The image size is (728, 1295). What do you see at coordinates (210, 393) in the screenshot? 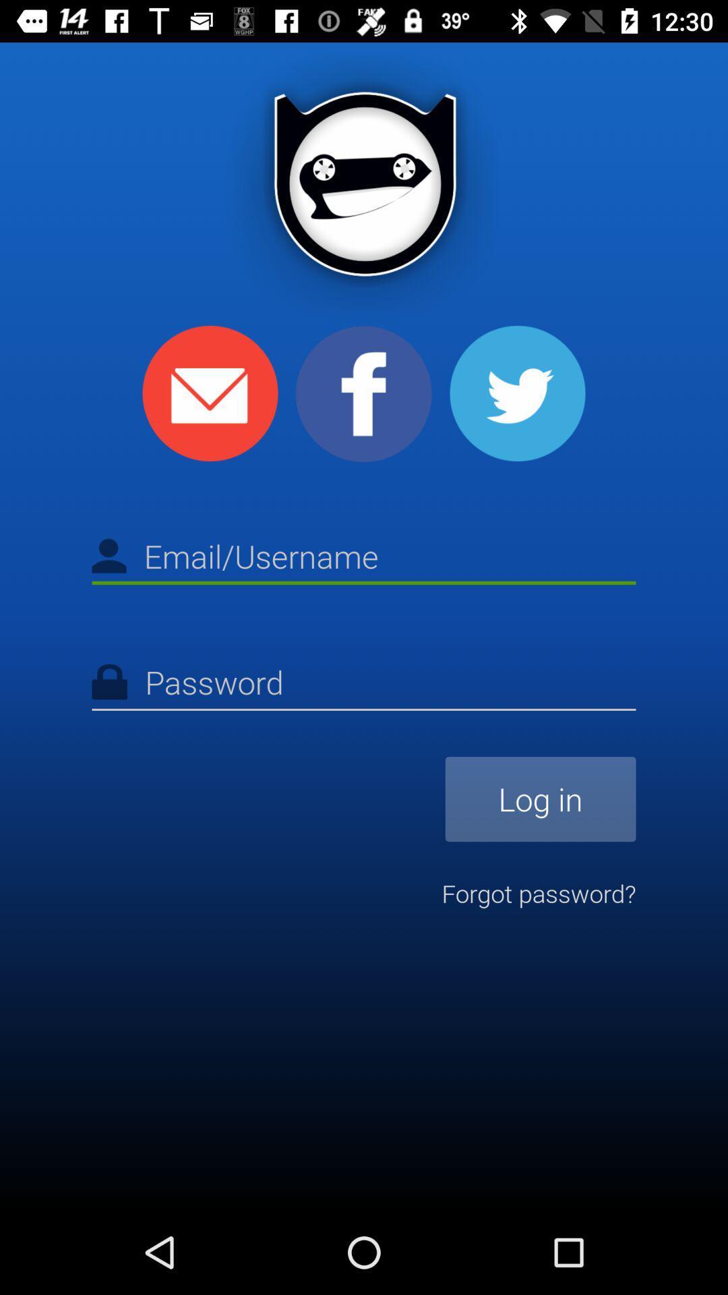
I see `login using email` at bounding box center [210, 393].